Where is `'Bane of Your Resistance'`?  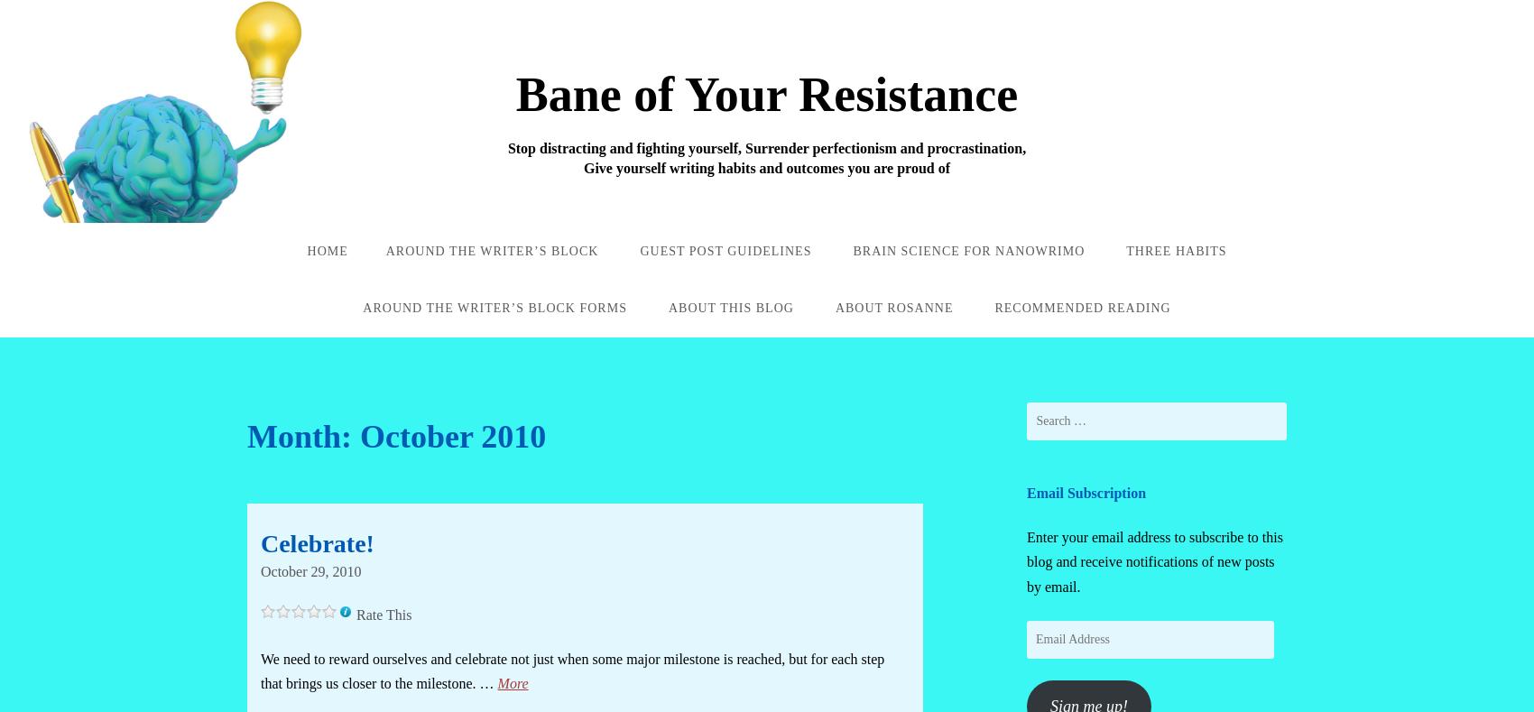 'Bane of Your Resistance' is located at coordinates (765, 95).